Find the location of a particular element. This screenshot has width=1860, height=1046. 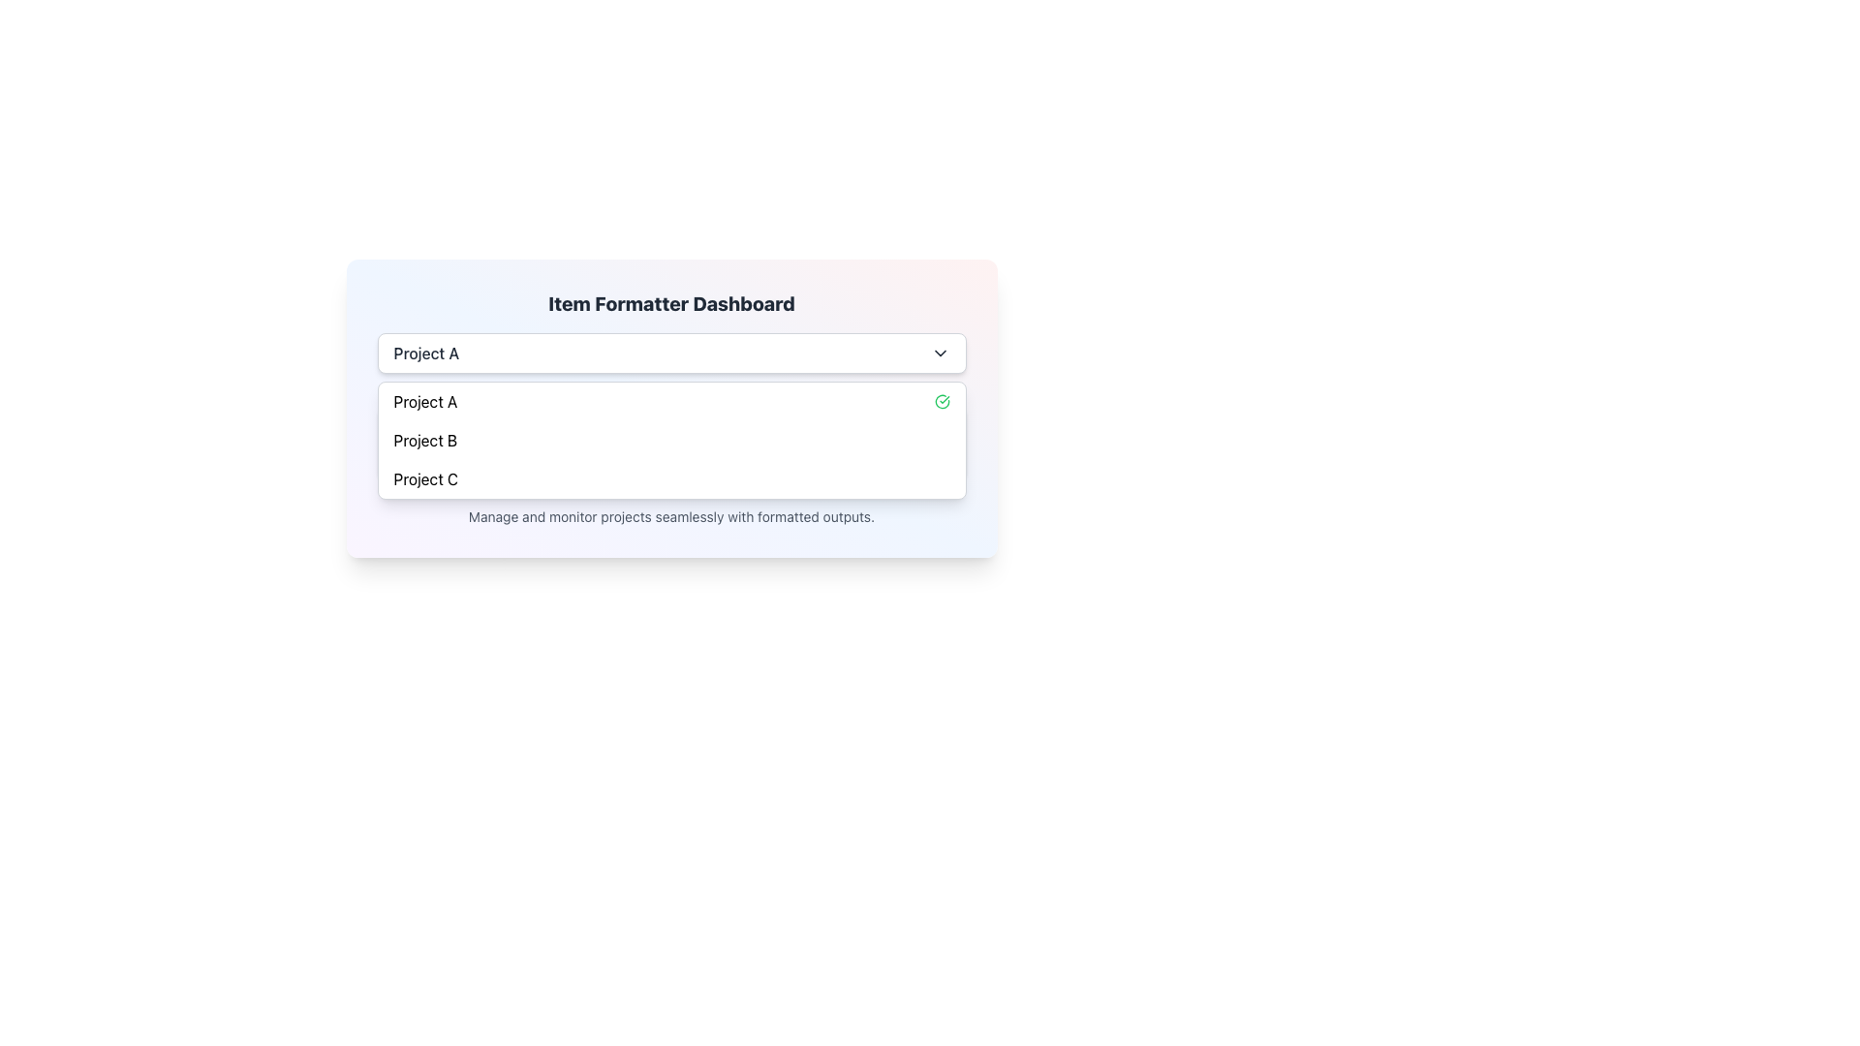

the dropdown menu located beneath the 'Item Formatter Dashboard' title is located at coordinates (671, 354).